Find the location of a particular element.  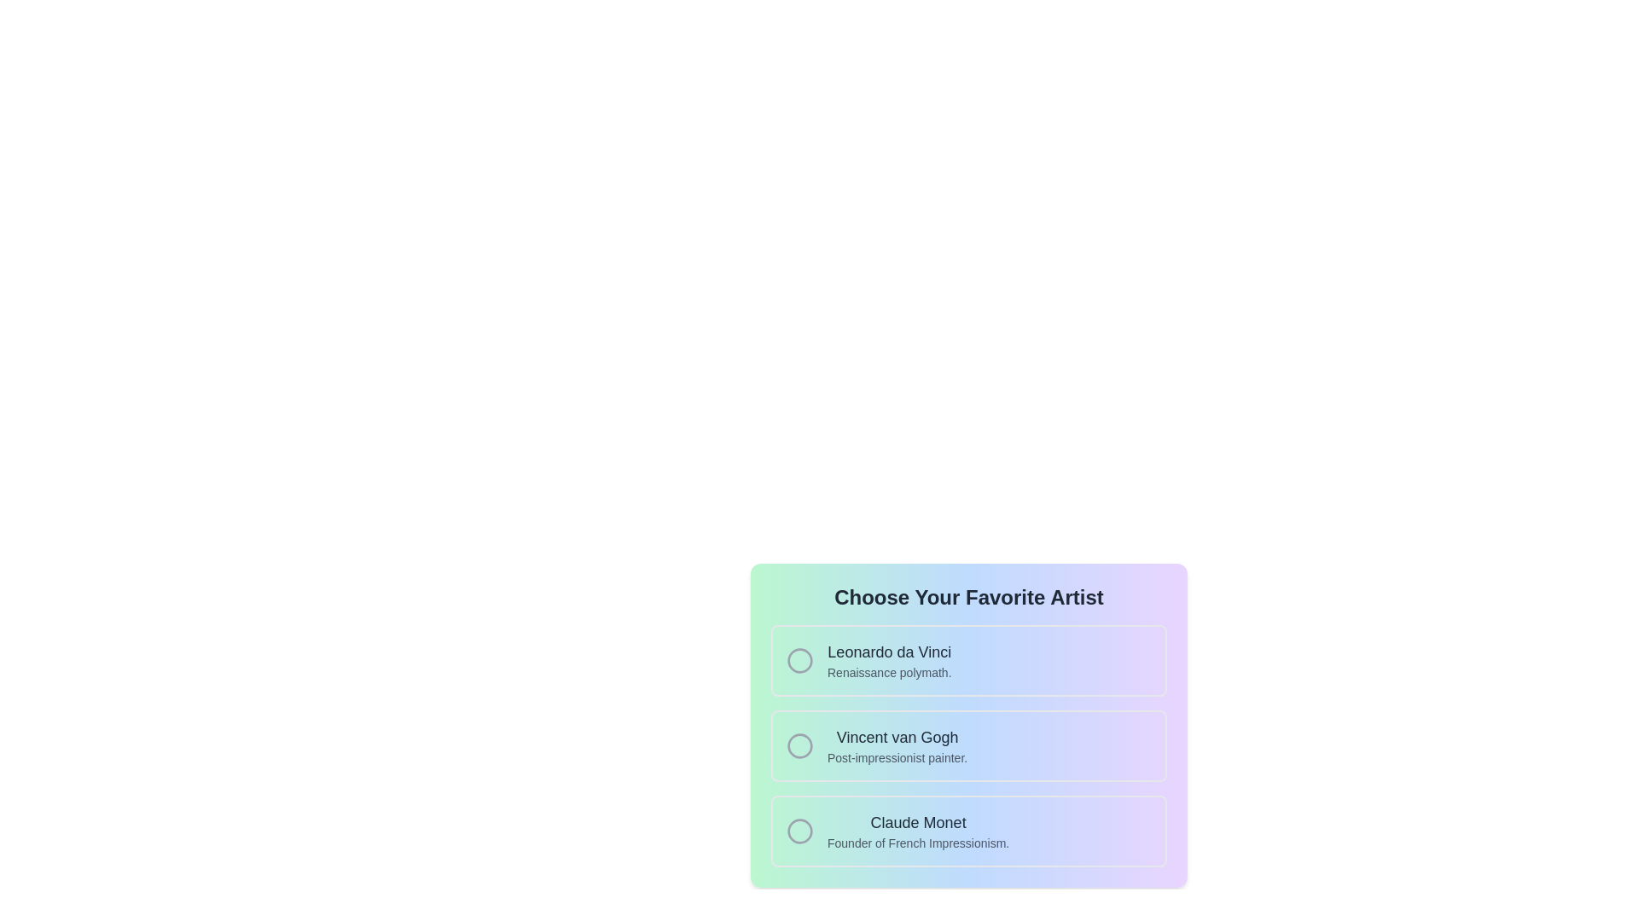

the selectable list item for 'Vincent van Gogh' in the 'Choose Your Favorite Artist' panel is located at coordinates (969, 745).